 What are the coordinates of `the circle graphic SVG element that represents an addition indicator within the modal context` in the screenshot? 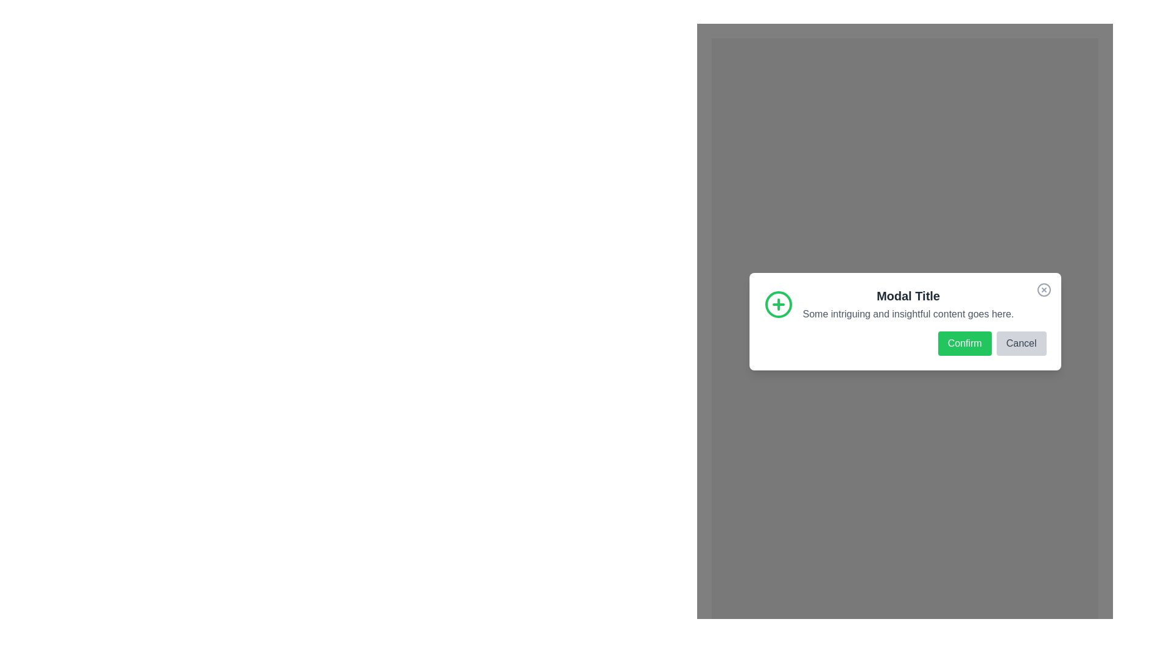 It's located at (778, 303).